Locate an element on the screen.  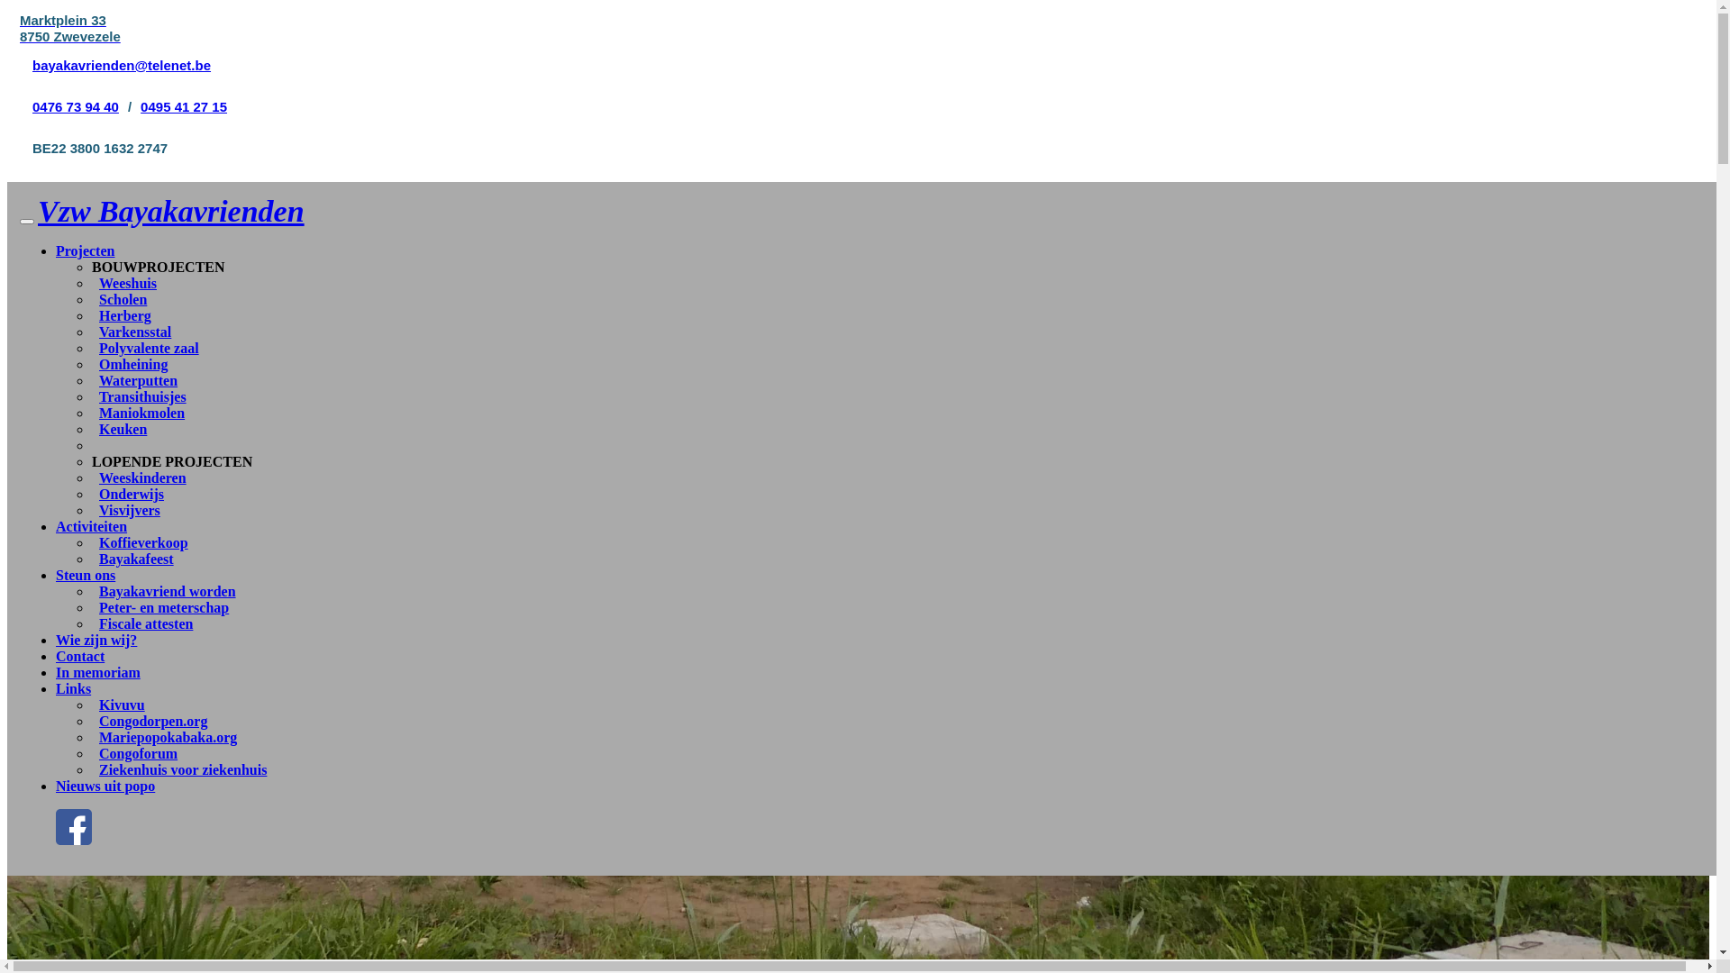
'Steun ons' is located at coordinates (85, 575).